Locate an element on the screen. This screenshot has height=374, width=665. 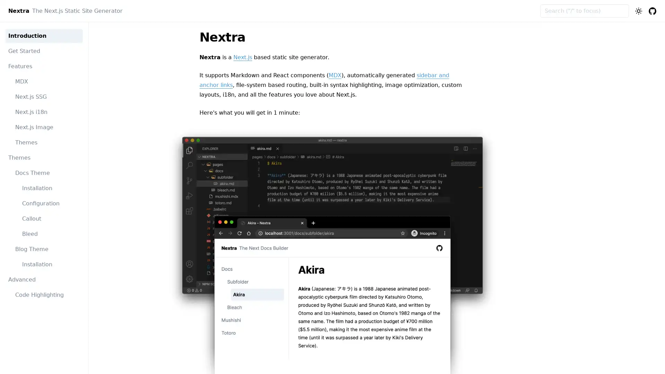
Themes is located at coordinates (44, 158).